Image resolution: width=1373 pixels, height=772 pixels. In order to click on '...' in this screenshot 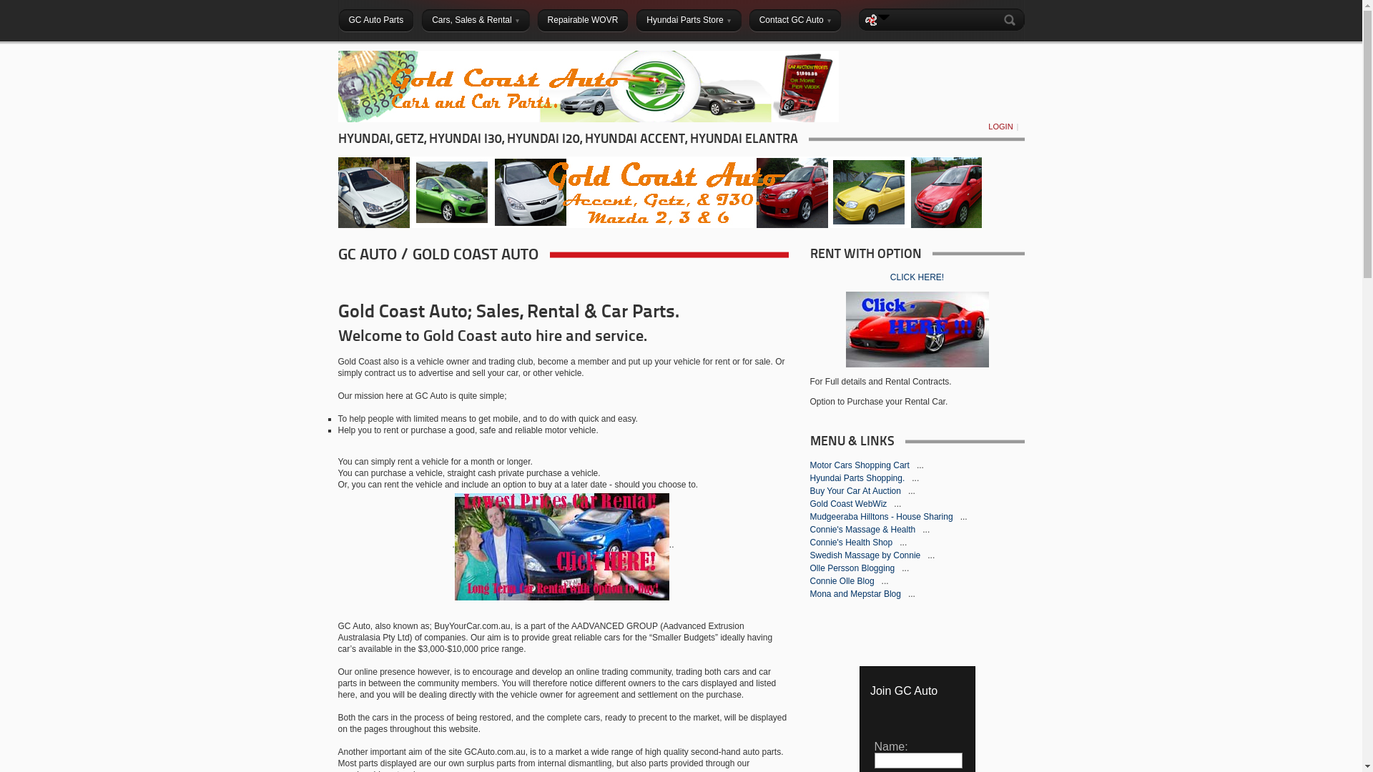, I will do `click(885, 581)`.